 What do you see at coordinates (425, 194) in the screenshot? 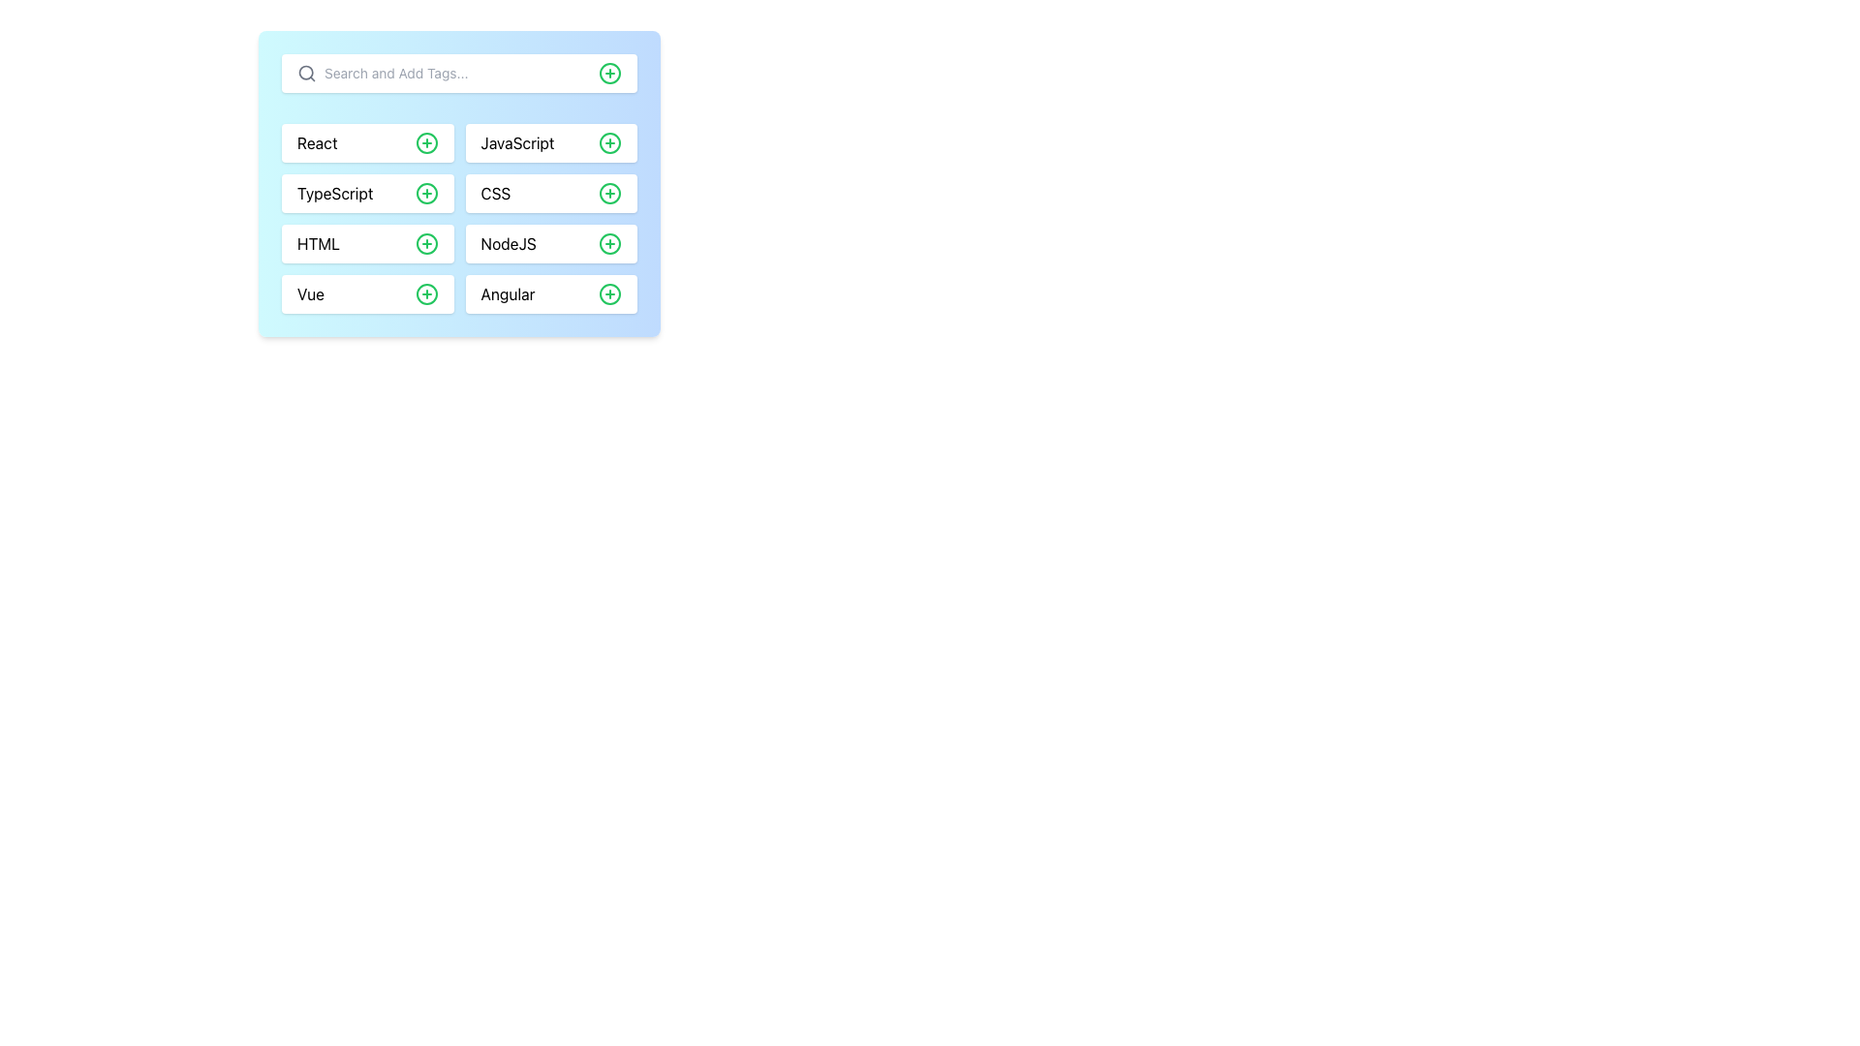
I see `the interactive button to add 'TypeScript'` at bounding box center [425, 194].